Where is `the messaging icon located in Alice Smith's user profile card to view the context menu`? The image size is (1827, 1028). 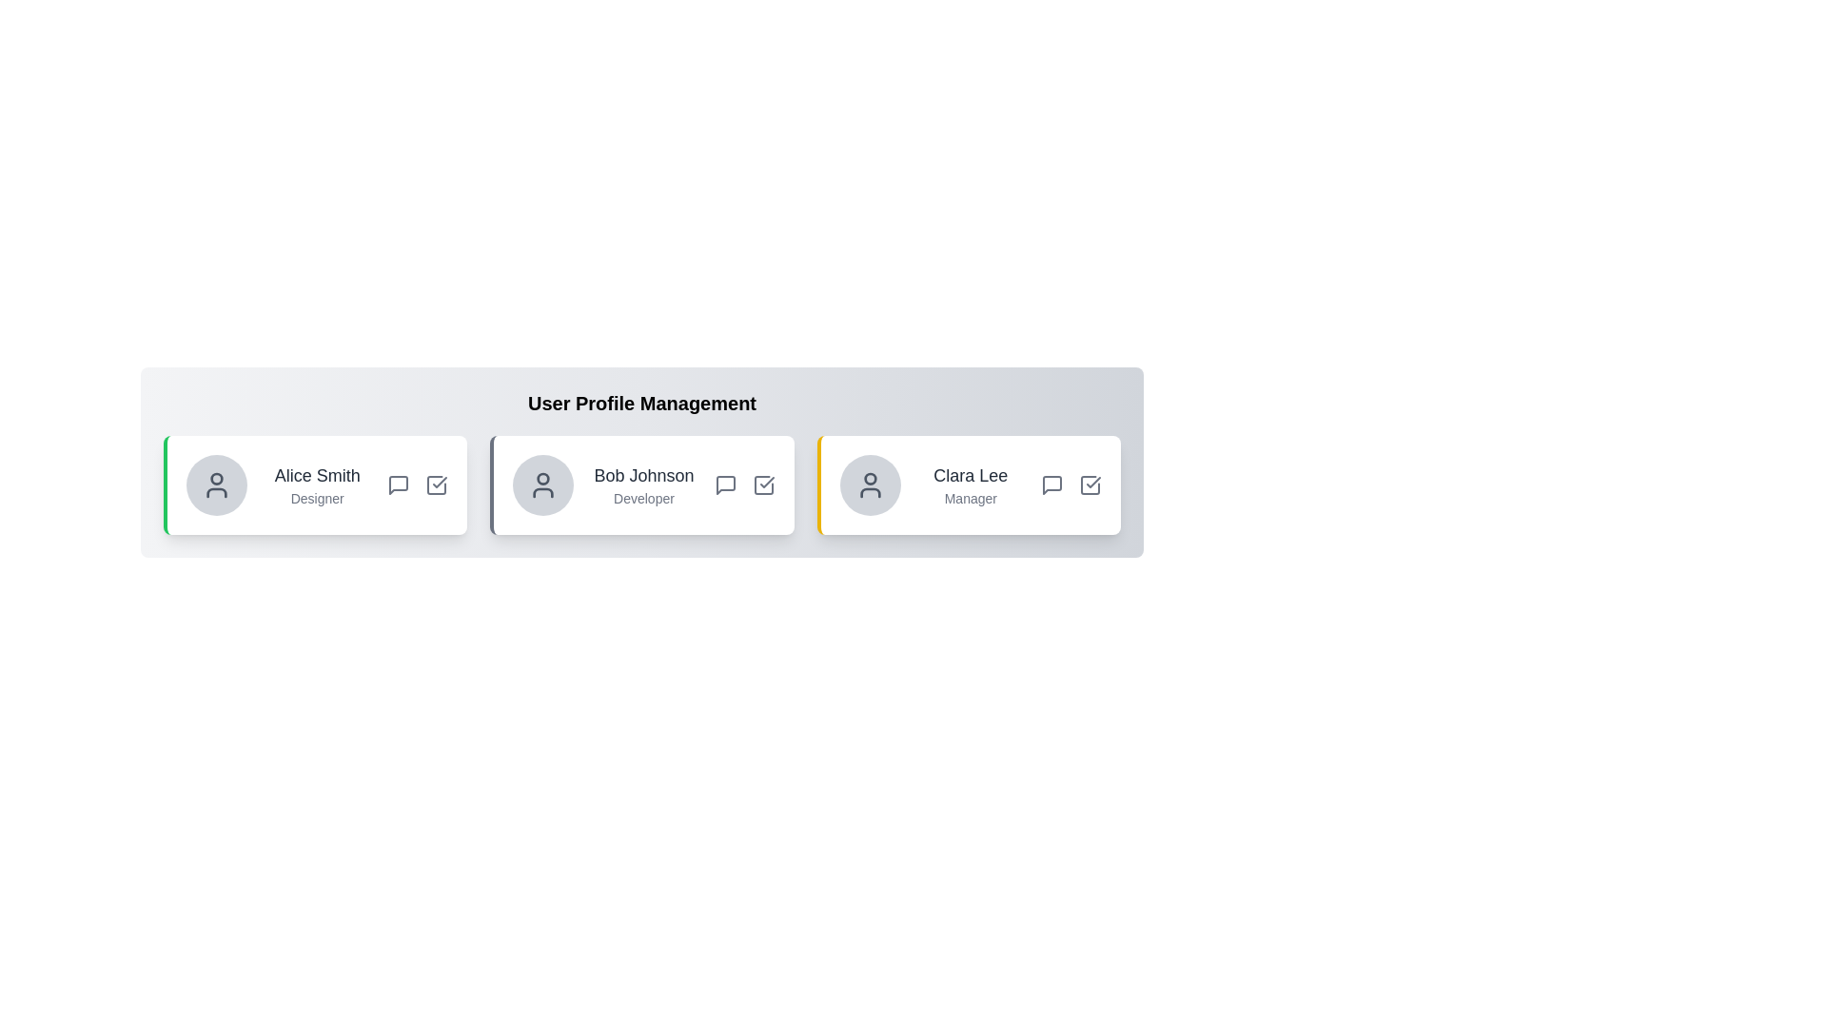 the messaging icon located in Alice Smith's user profile card to view the context menu is located at coordinates (398, 484).